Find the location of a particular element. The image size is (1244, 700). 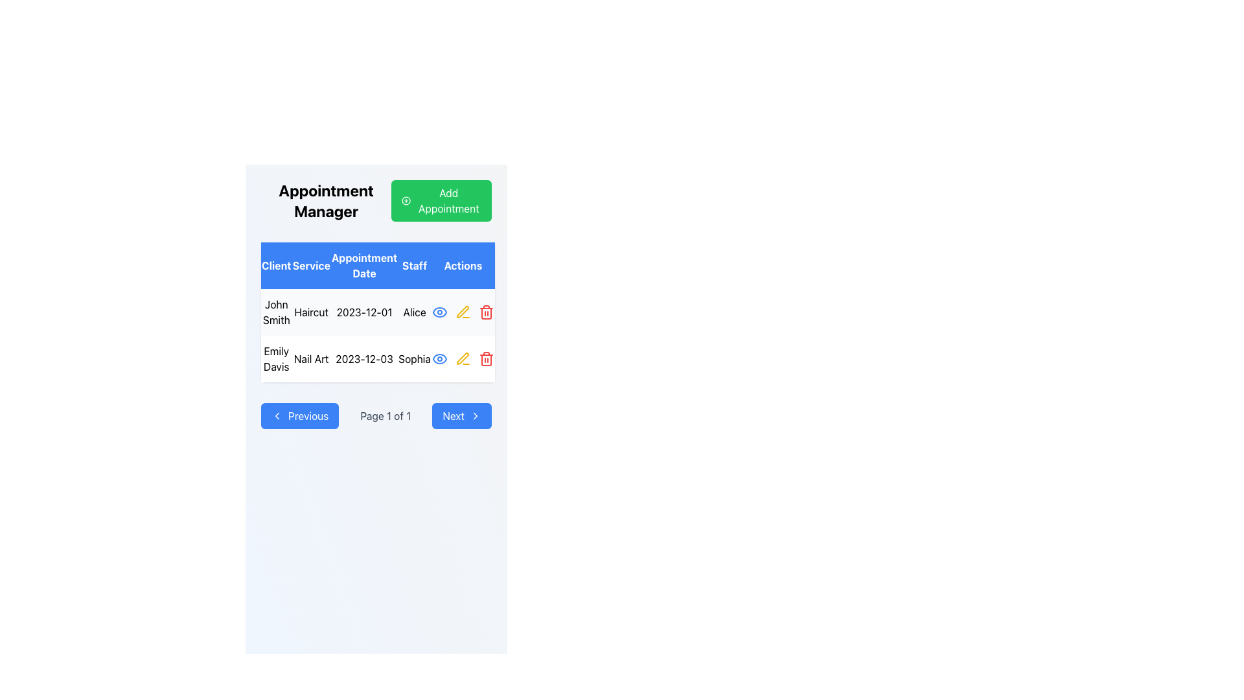

the delete icon in the Actions column of the table for the 'Emily Davis' appointment record to trigger the hover effect is located at coordinates (485, 312).